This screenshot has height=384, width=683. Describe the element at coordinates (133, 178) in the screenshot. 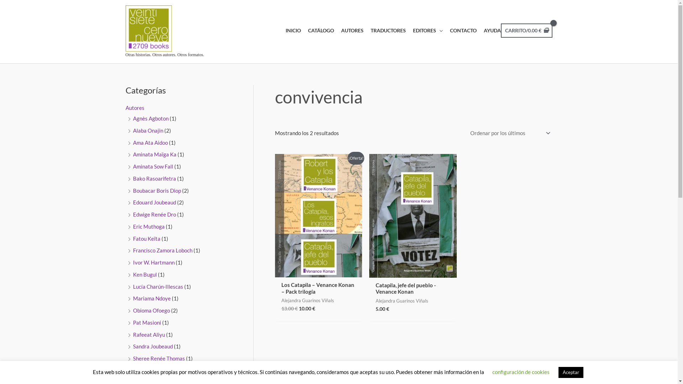

I see `'Bako Rasoarifetra'` at that location.